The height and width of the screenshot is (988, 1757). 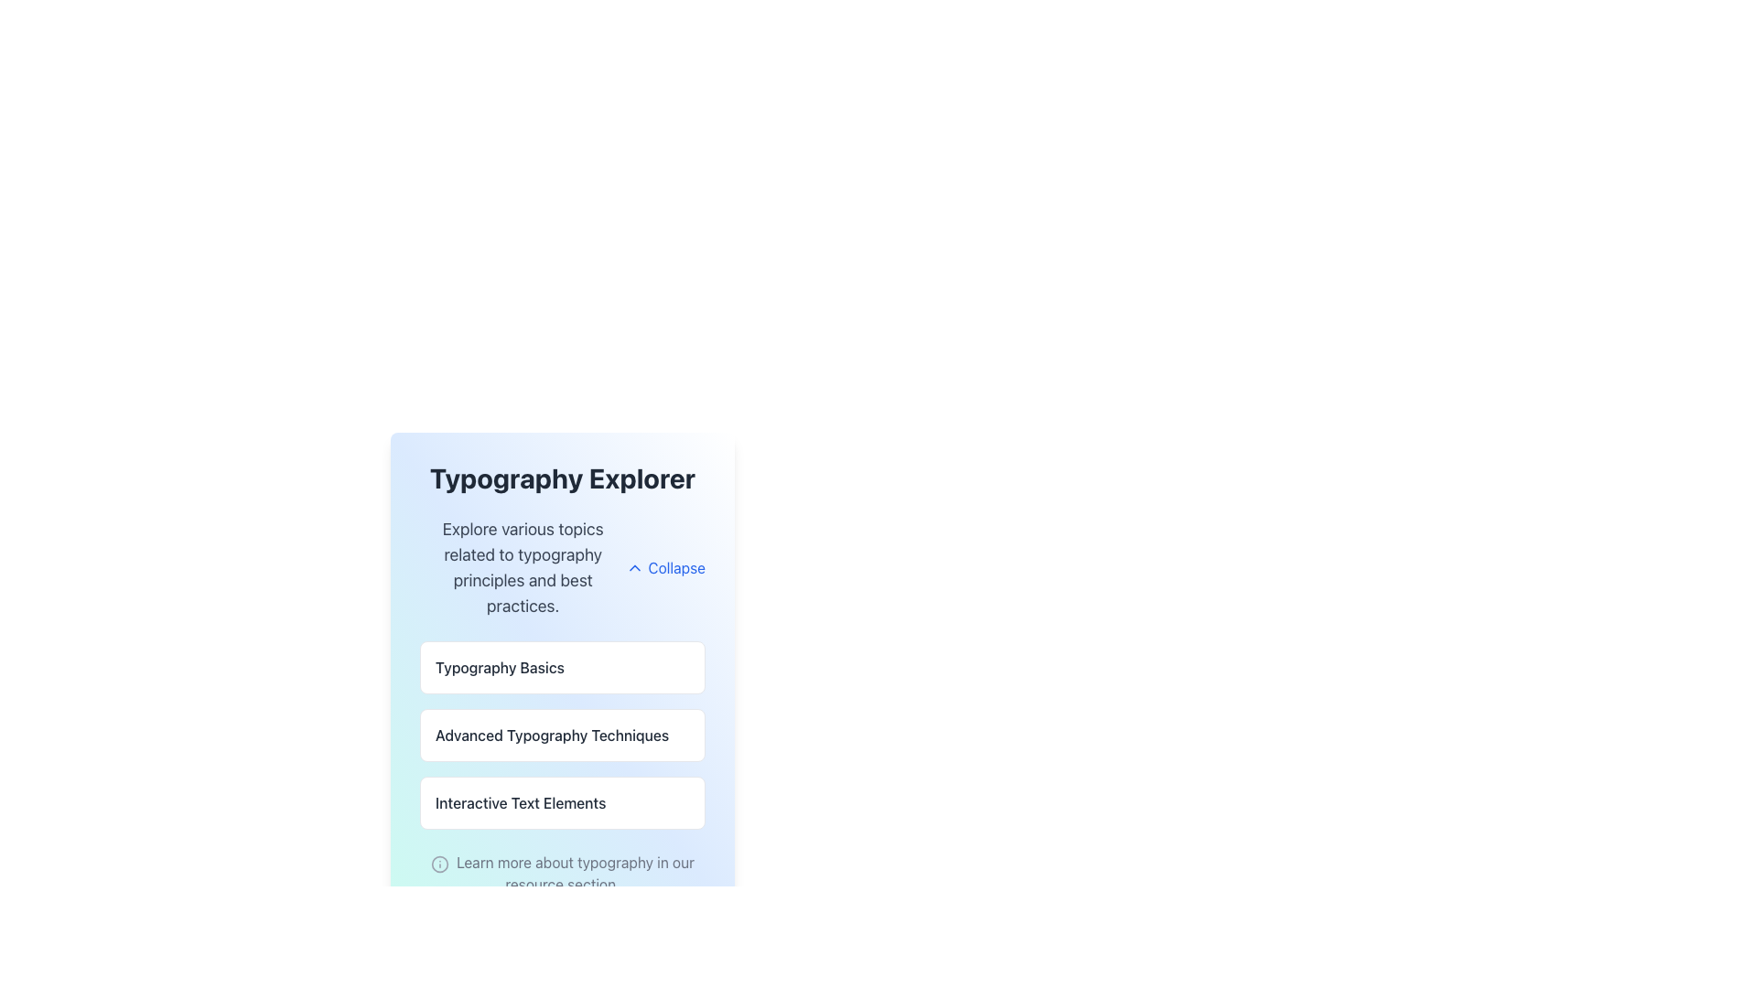 What do you see at coordinates (561, 802) in the screenshot?
I see `the 'Interactive Text Elements' text label` at bounding box center [561, 802].